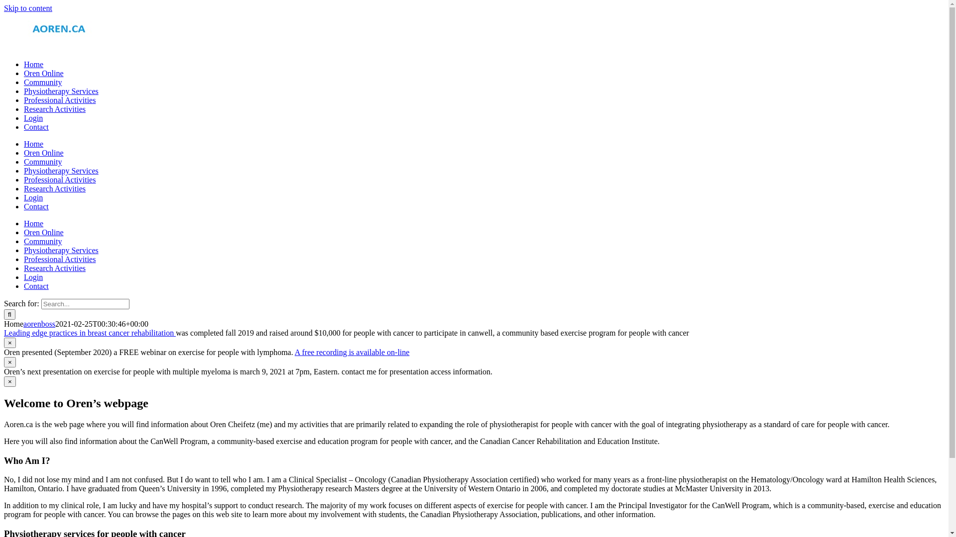 This screenshot has height=537, width=956. Describe the element at coordinates (352, 352) in the screenshot. I see `'A free recording is available on-line'` at that location.